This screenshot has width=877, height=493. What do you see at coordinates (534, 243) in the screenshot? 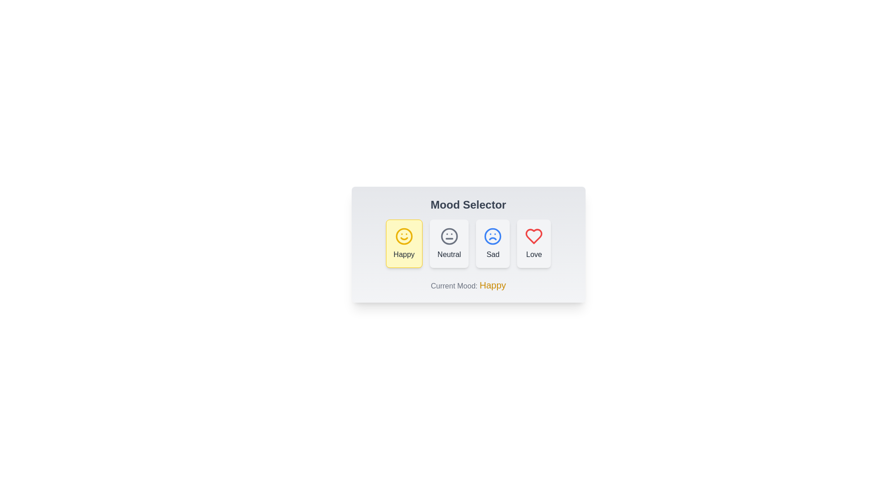
I see `the button corresponding to the mood Love` at bounding box center [534, 243].